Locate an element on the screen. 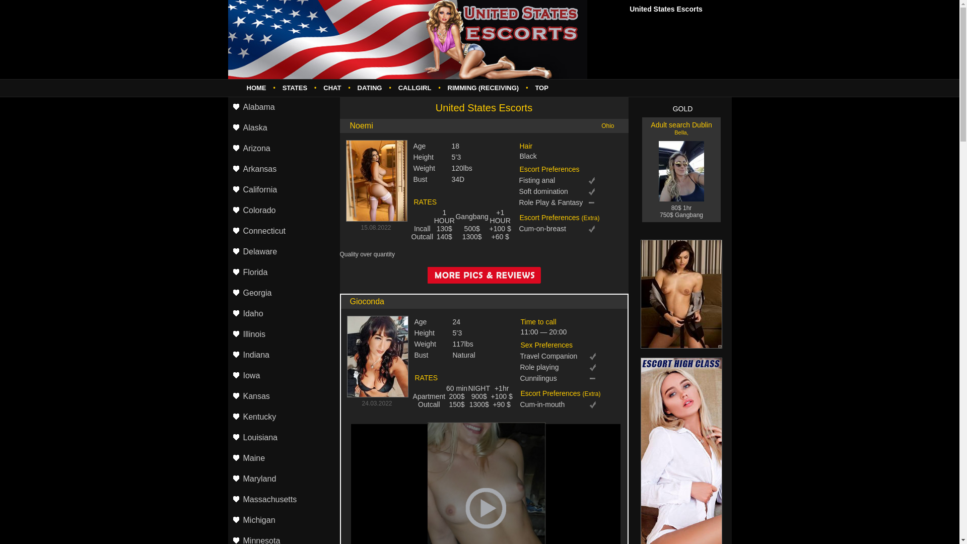 The height and width of the screenshot is (544, 967). 'Alaska' is located at coordinates (282, 127).